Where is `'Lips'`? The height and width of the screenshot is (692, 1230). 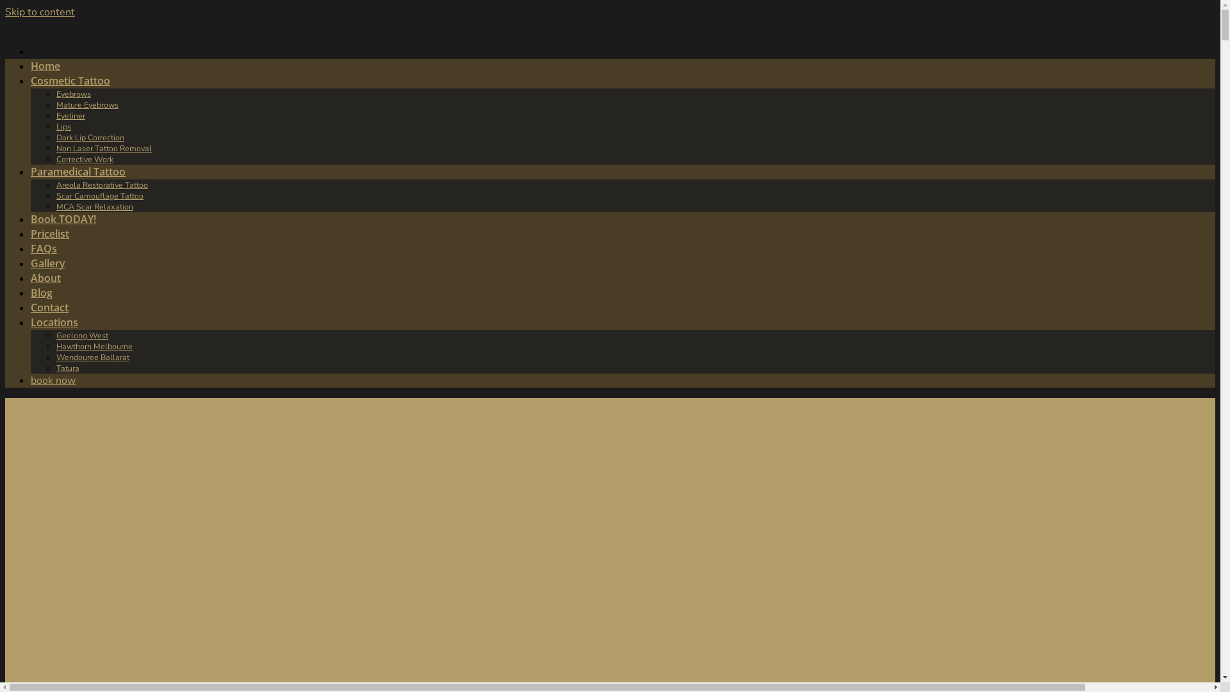
'Lips' is located at coordinates (63, 126).